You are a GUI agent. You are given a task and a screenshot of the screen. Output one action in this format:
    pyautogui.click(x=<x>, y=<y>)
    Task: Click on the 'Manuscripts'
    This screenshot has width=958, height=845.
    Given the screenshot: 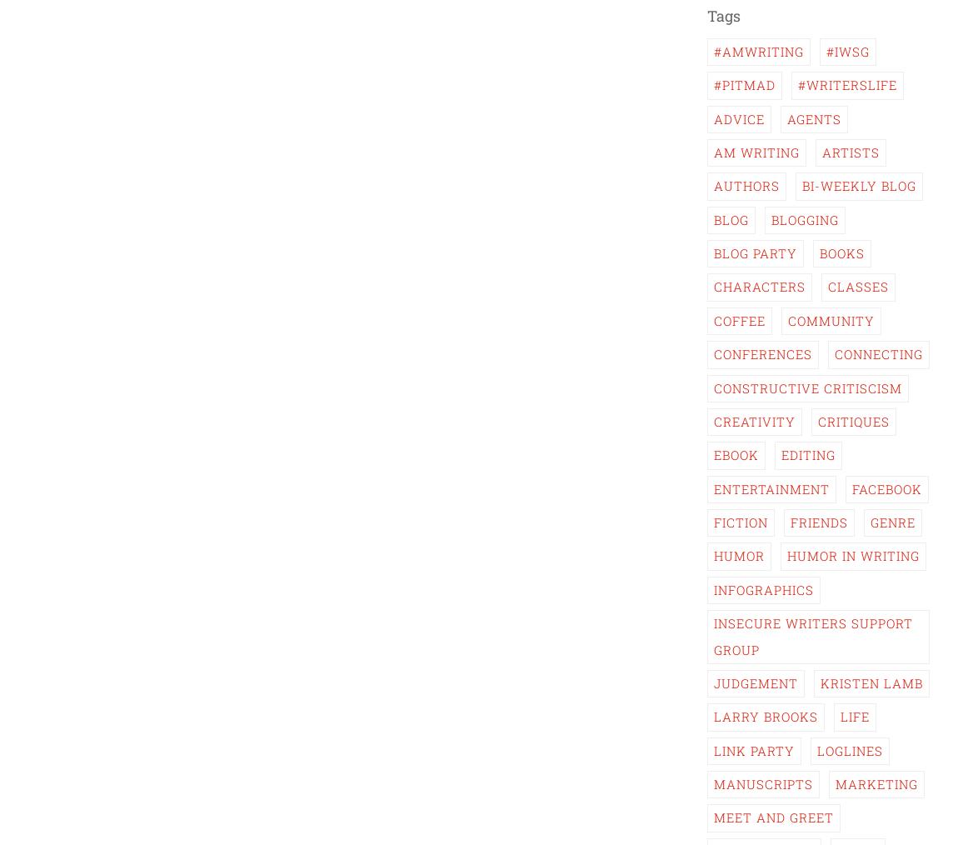 What is the action you would take?
    pyautogui.click(x=763, y=783)
    